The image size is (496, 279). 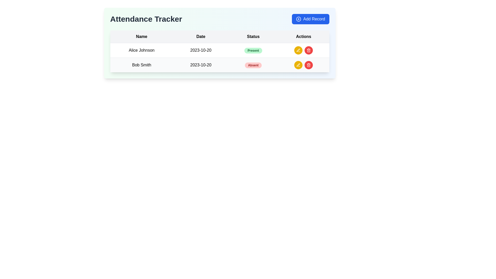 I want to click on displayed status from the status badge indicating that Alice Johnson is 'Present' on the specified date, so click(x=253, y=51).